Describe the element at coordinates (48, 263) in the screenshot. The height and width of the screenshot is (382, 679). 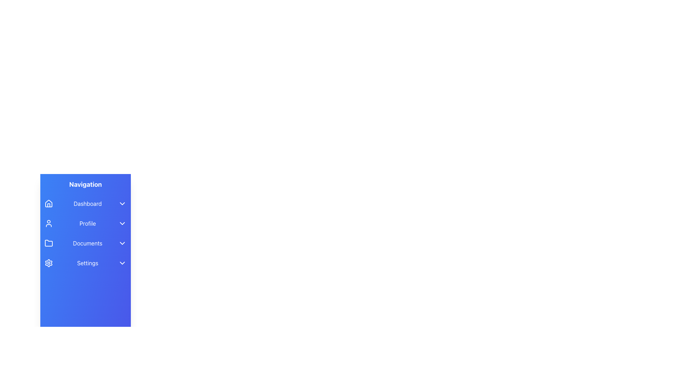
I see `the gear-shaped icon representing 'Settings'` at that location.